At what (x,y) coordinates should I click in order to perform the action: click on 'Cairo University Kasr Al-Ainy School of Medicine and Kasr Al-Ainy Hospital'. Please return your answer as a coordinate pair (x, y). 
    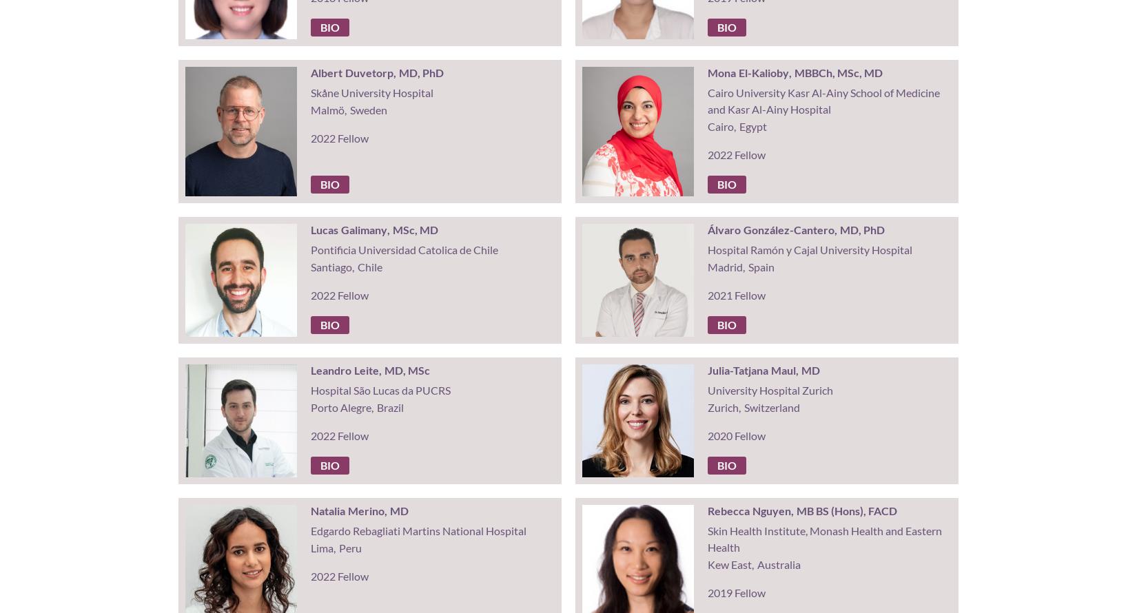
    Looking at the image, I should click on (823, 100).